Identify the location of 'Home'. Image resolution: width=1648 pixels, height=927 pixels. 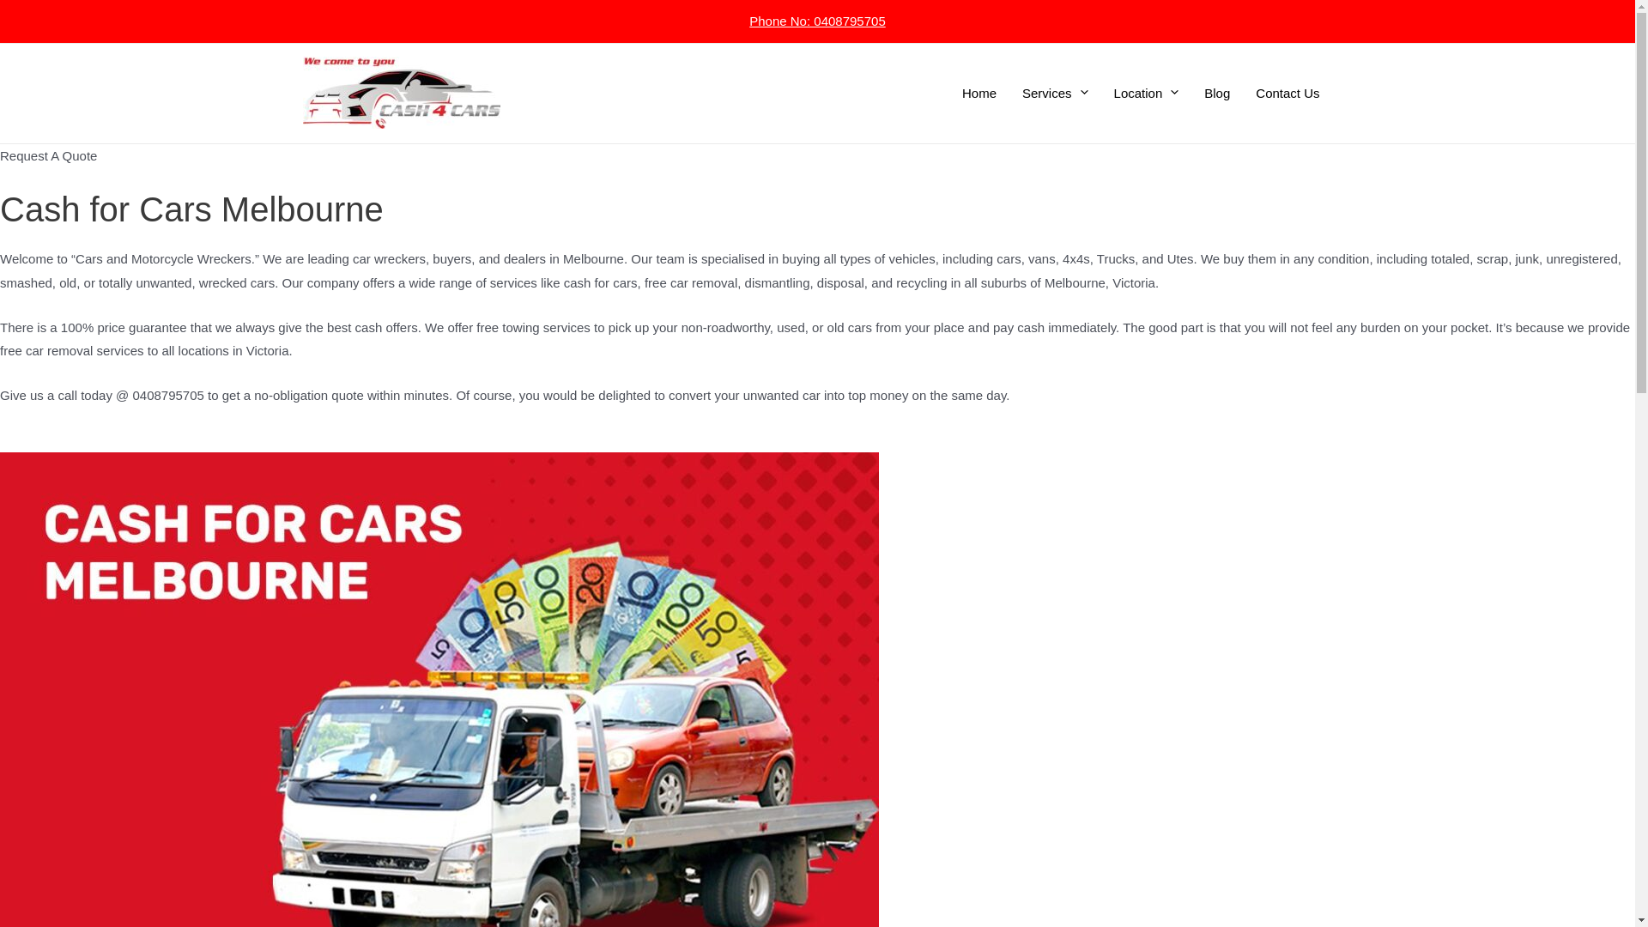
(979, 93).